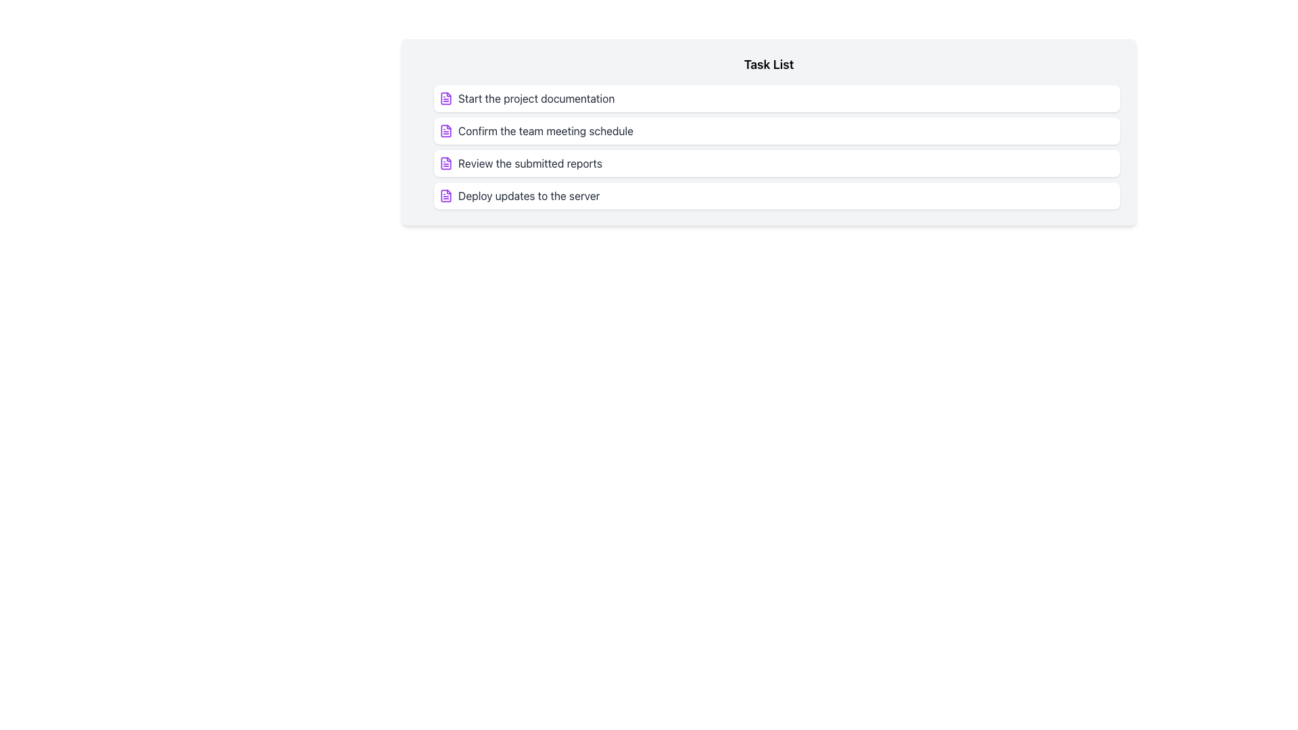 This screenshot has width=1298, height=730. I want to click on the text element that reads 'Deploy updates to the server', which is the fourth entry in the 'Task List' section, located below 'Review the submitted reports', so click(528, 195).